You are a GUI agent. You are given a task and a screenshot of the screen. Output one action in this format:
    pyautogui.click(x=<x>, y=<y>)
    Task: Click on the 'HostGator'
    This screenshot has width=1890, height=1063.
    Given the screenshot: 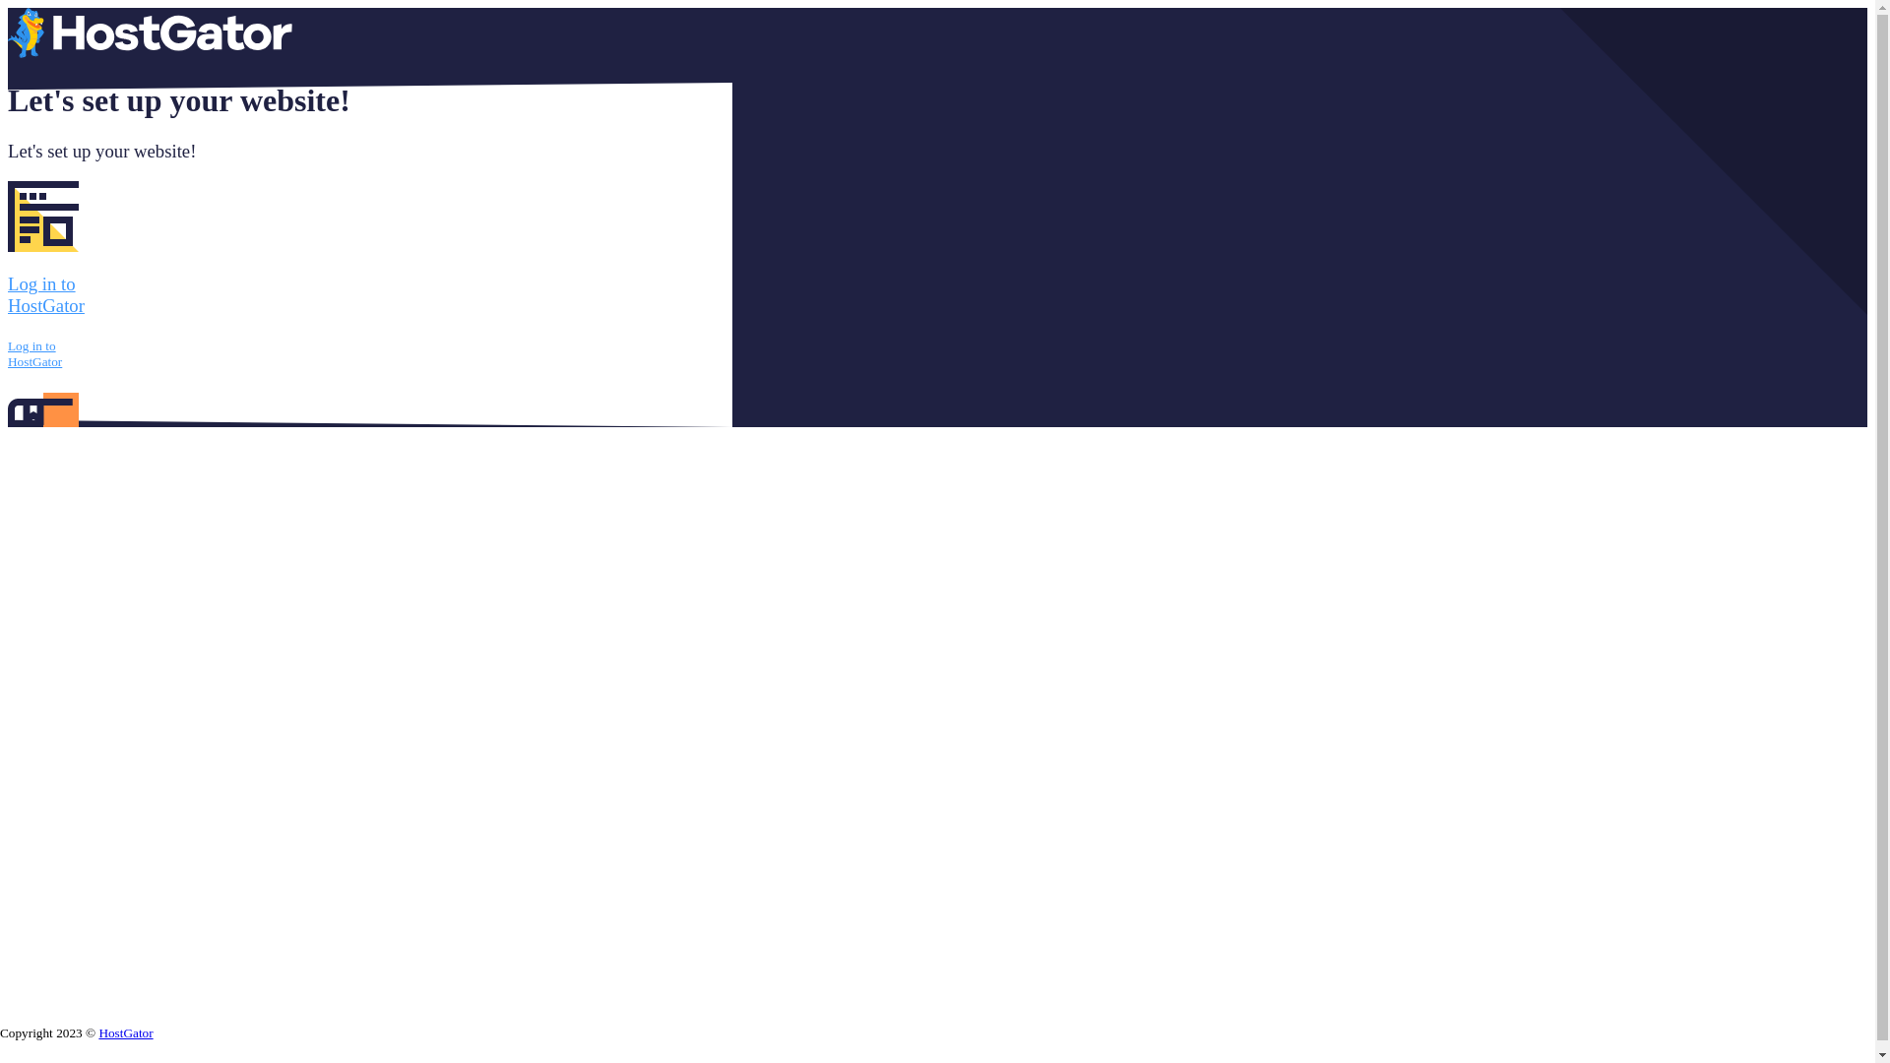 What is the action you would take?
    pyautogui.click(x=124, y=1032)
    